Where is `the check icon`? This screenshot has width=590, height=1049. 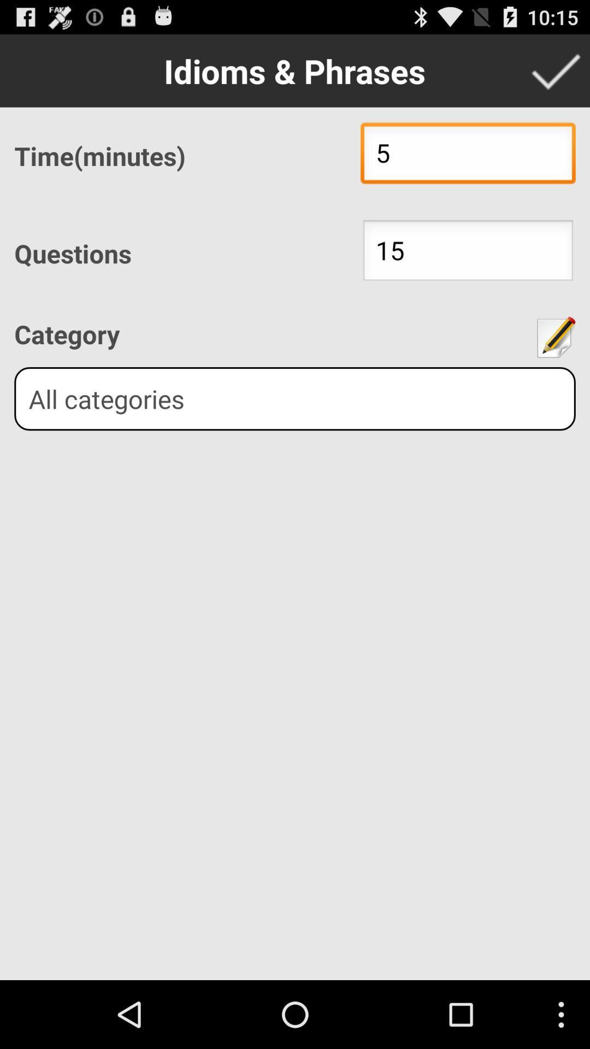
the check icon is located at coordinates (556, 75).